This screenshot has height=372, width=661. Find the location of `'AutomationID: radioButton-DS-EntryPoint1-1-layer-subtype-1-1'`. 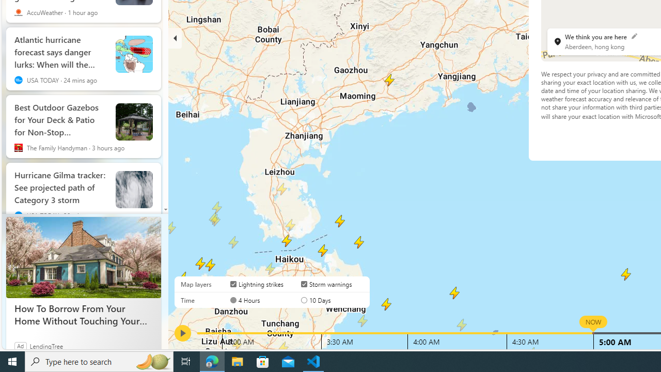

'AutomationID: radioButton-DS-EntryPoint1-1-layer-subtype-1-1' is located at coordinates (303, 300).